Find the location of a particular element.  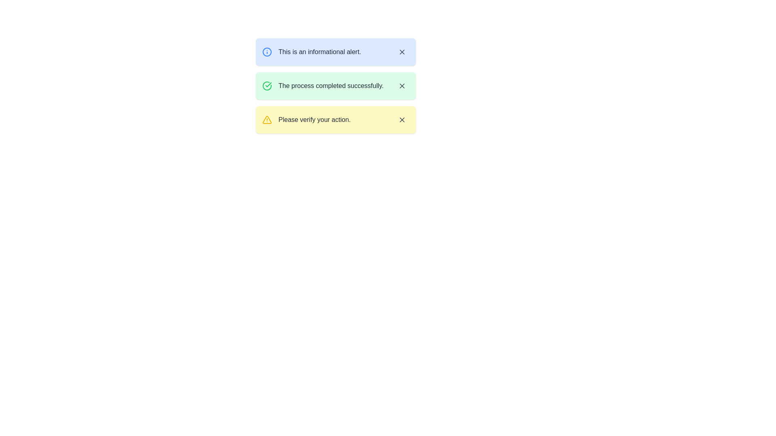

the outermost circular SVG element that serves a decorative purpose in the blue icon of the first informational alert box is located at coordinates (267, 52).